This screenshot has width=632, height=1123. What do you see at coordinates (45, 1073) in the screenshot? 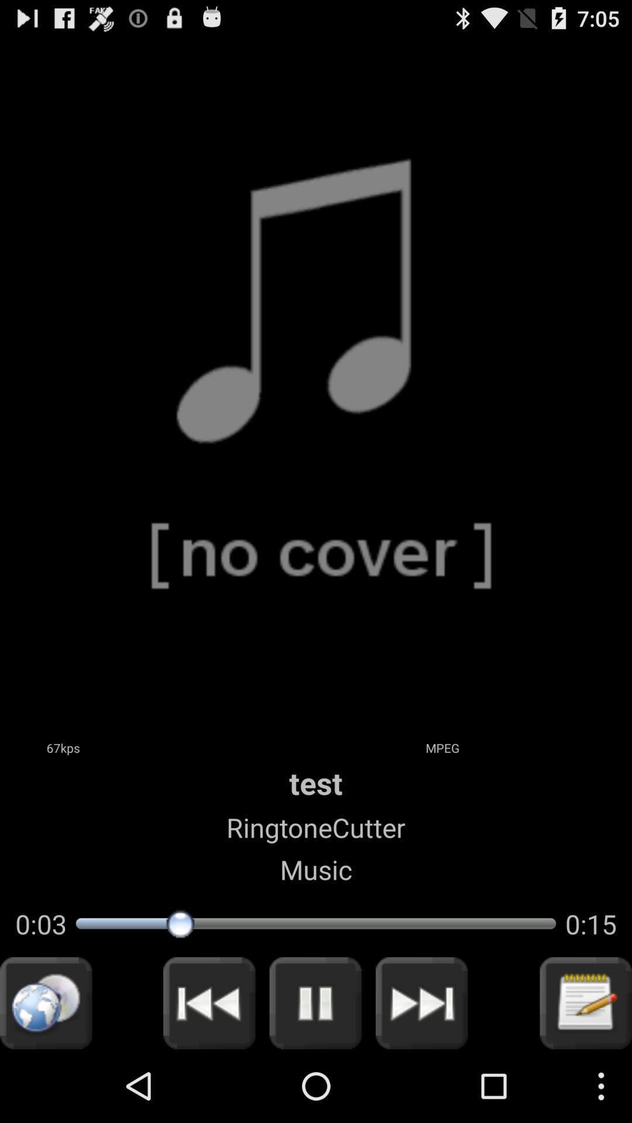
I see `the globe icon` at bounding box center [45, 1073].